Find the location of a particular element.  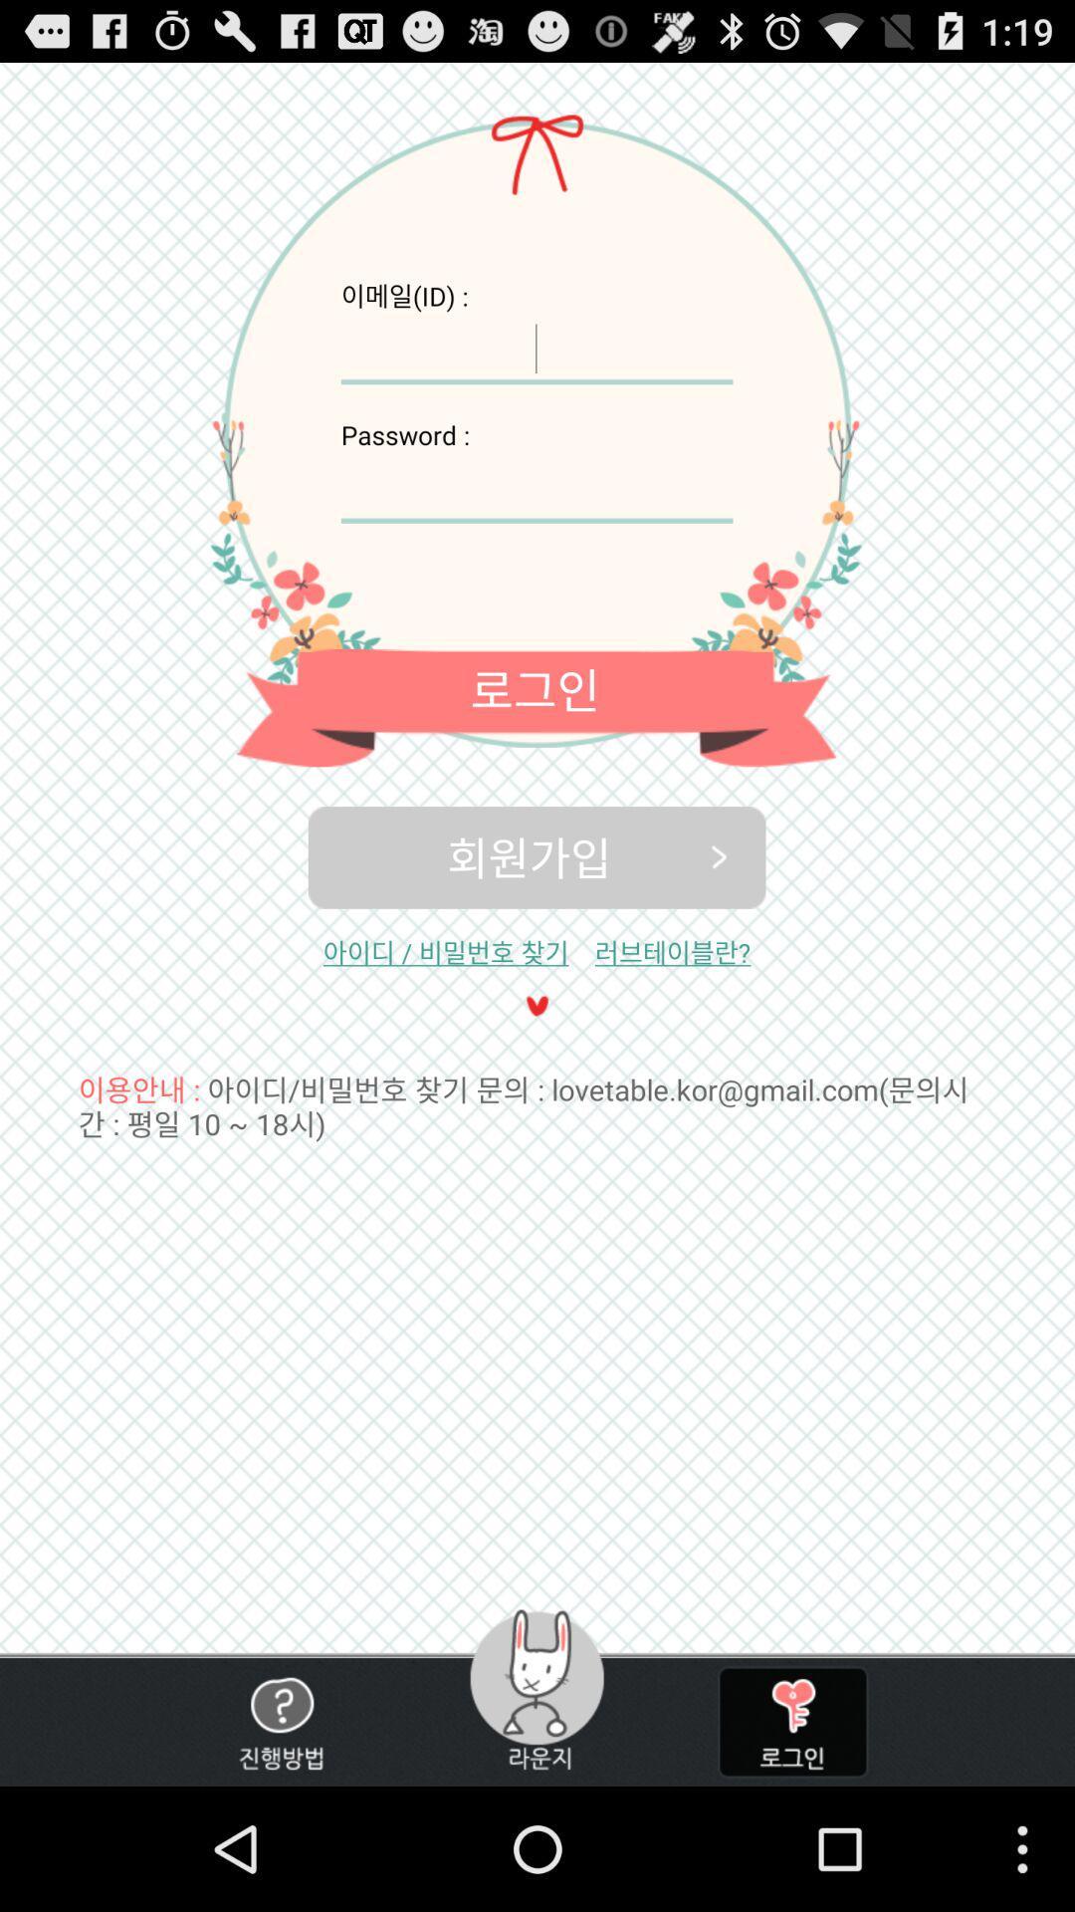

id is located at coordinates (536, 349).